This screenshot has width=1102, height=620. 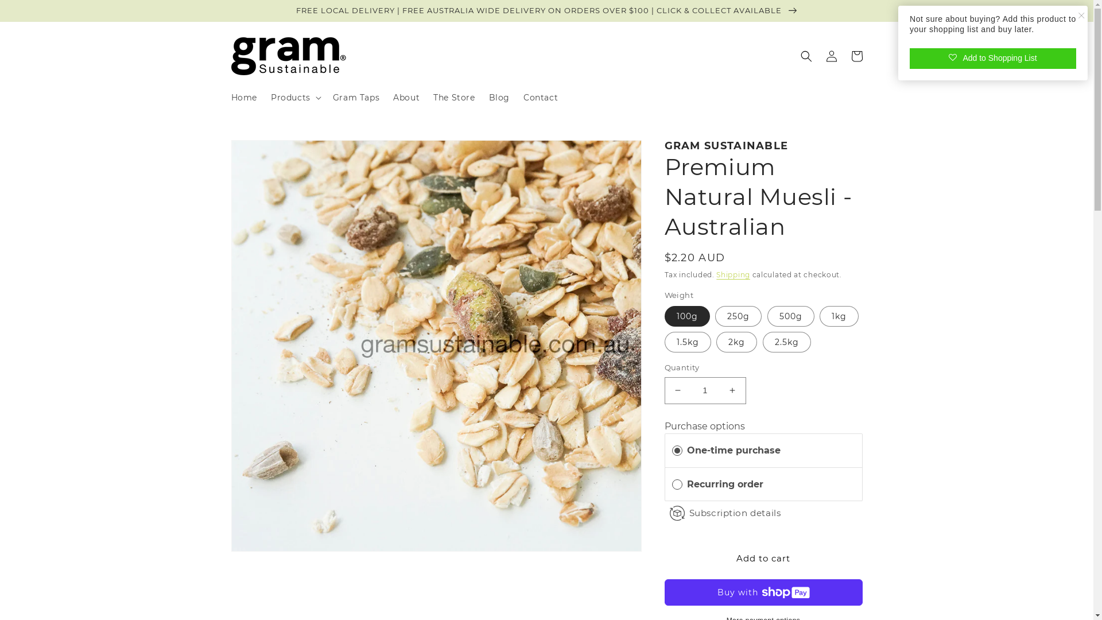 I want to click on 'Shipping', so click(x=732, y=274).